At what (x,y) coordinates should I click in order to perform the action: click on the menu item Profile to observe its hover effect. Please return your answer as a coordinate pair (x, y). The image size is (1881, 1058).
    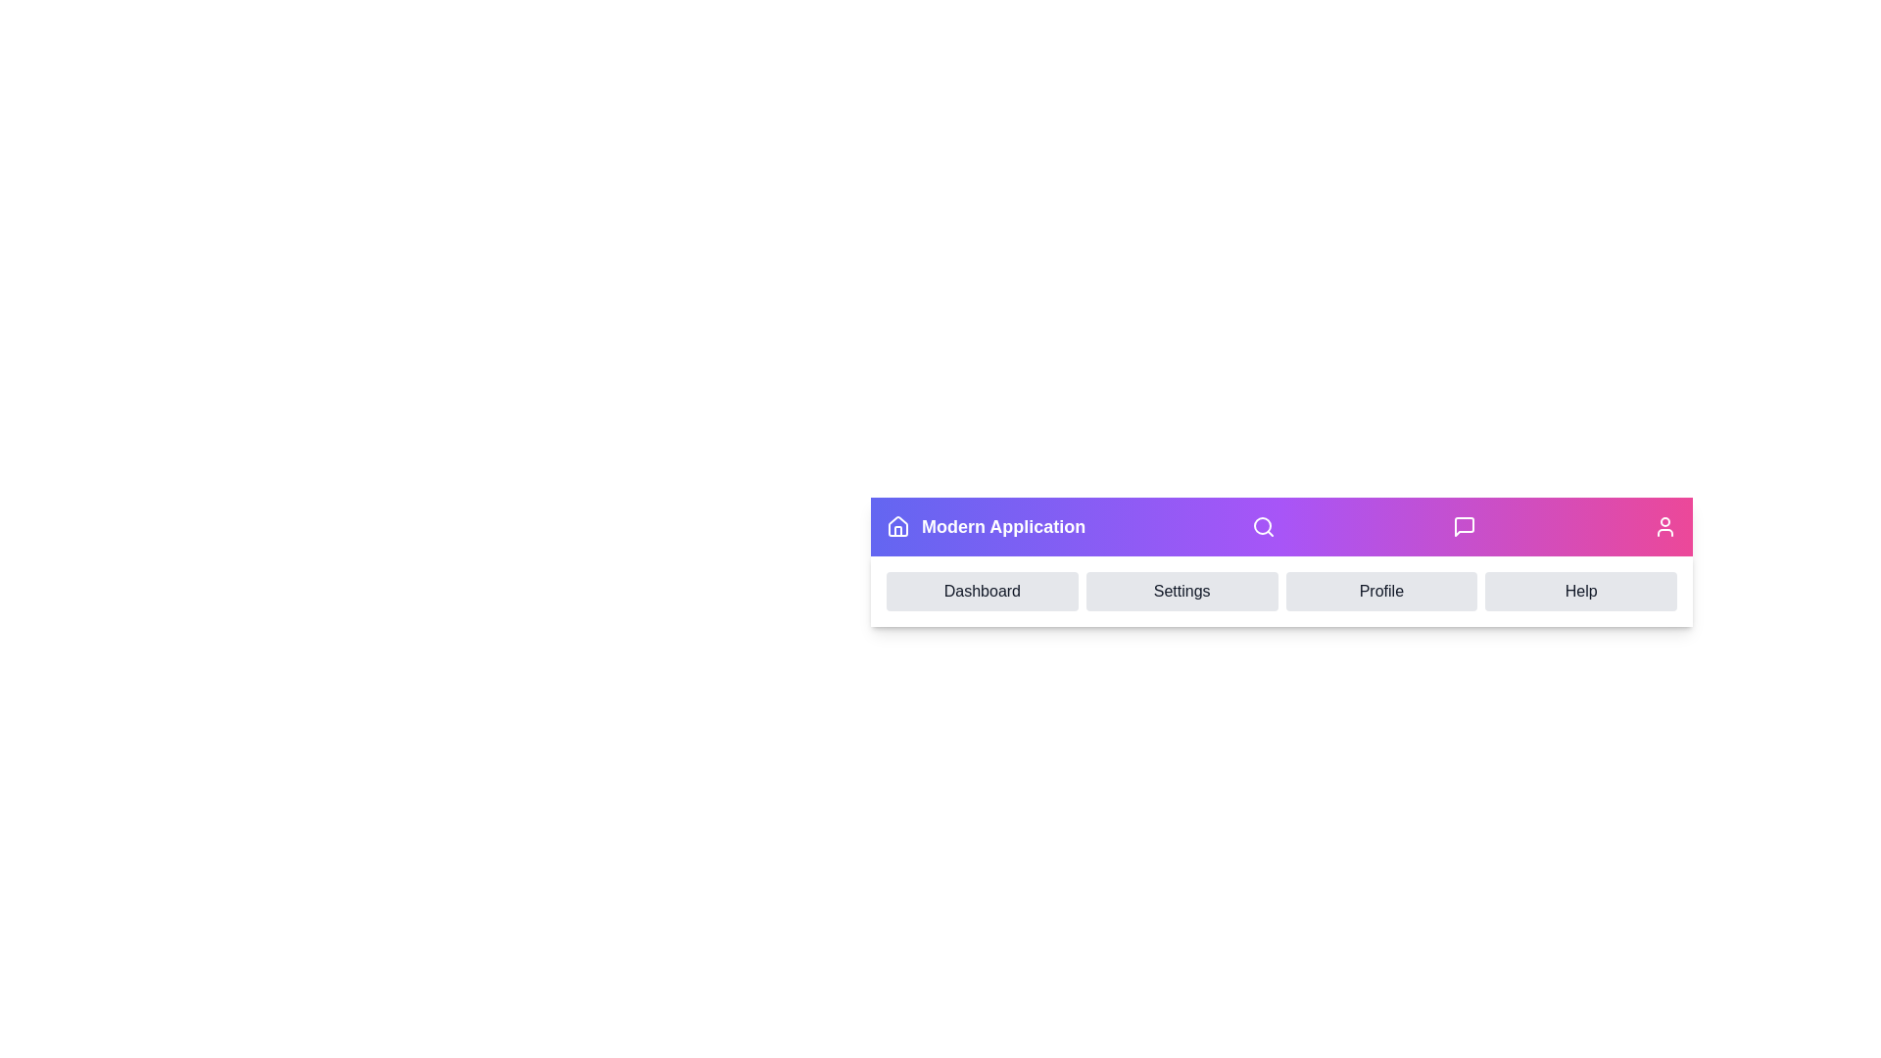
    Looking at the image, I should click on (1380, 591).